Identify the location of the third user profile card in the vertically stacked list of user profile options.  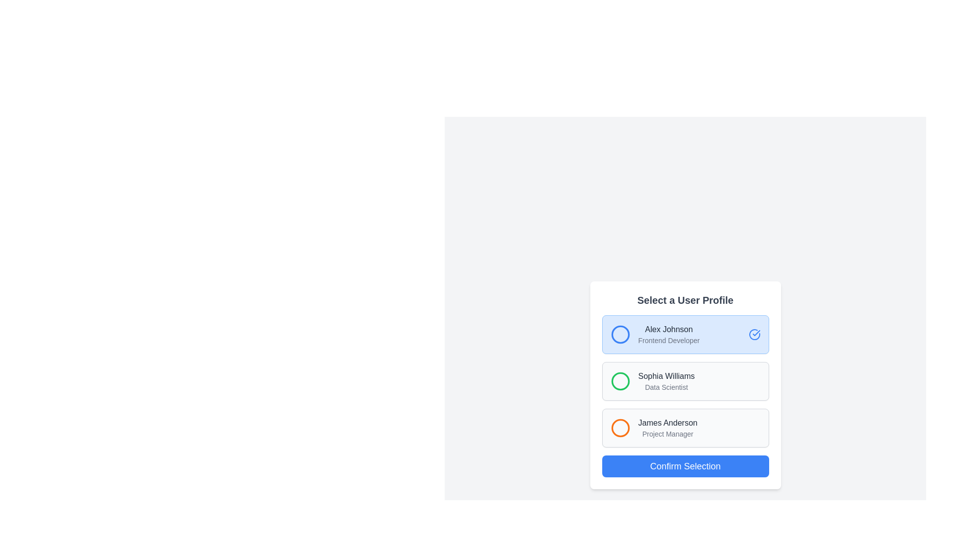
(654, 427).